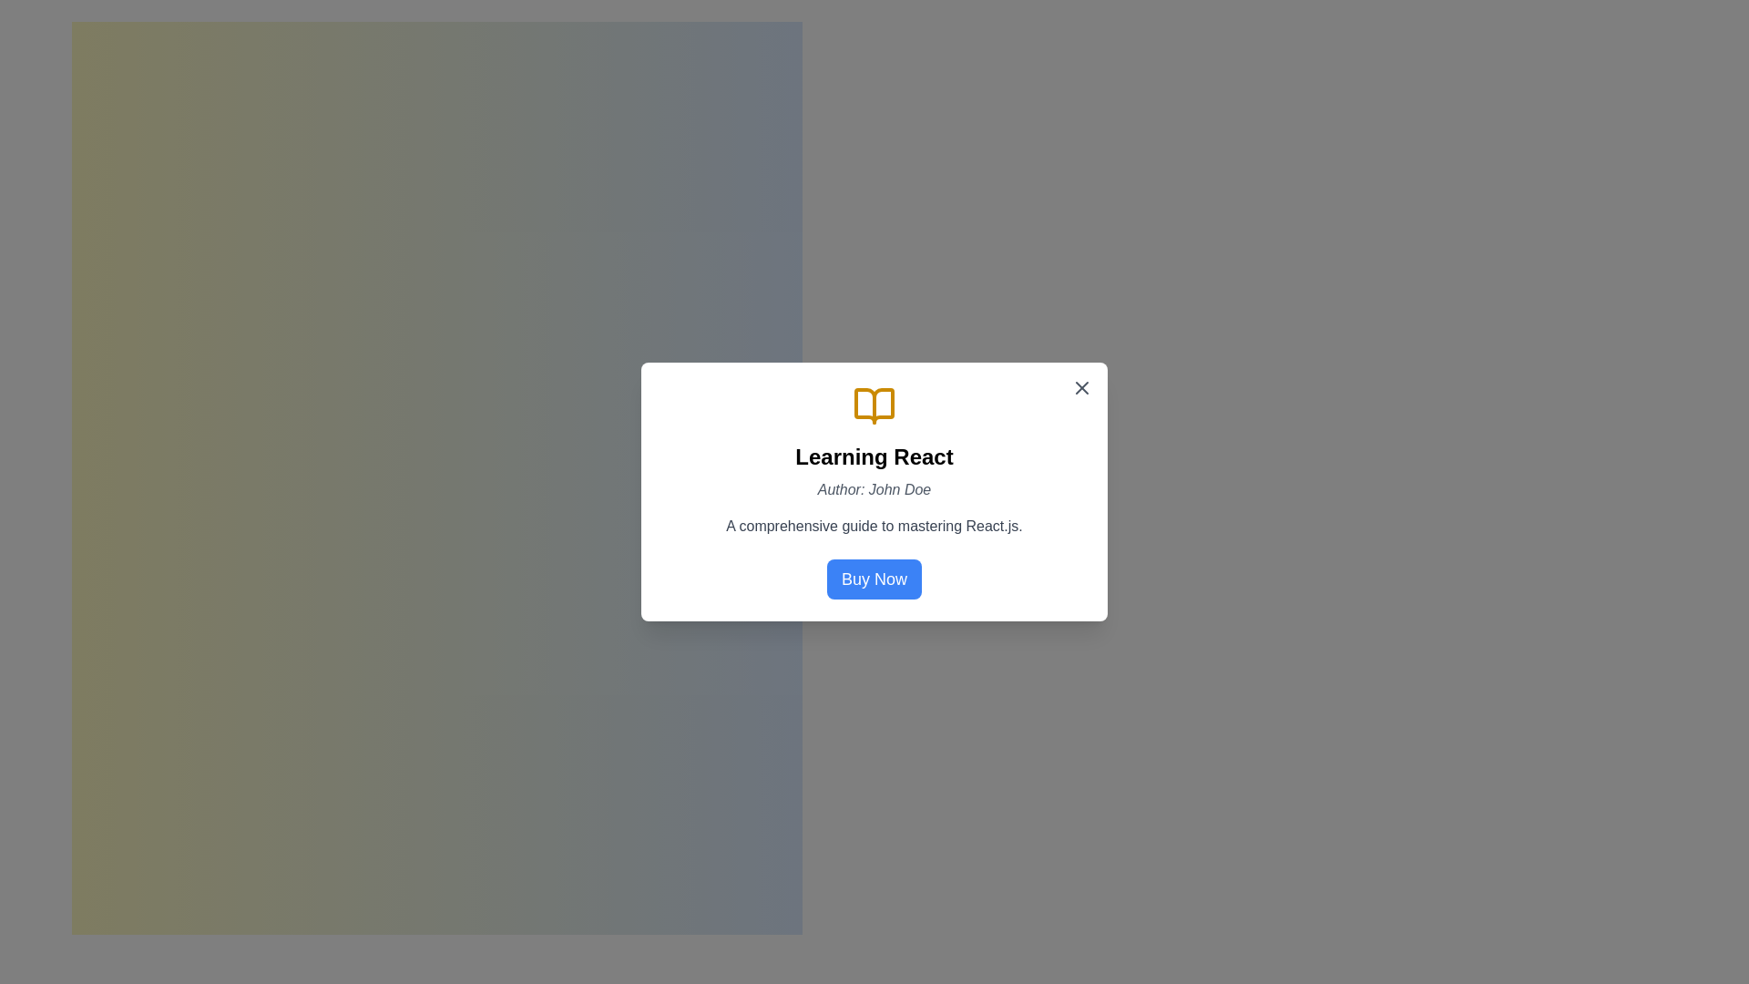 Image resolution: width=1749 pixels, height=984 pixels. What do you see at coordinates (874, 527) in the screenshot?
I see `the text element displaying the phrase 'A comprehensive guide to mastering React.js.' which is centrally aligned and located below the author information` at bounding box center [874, 527].